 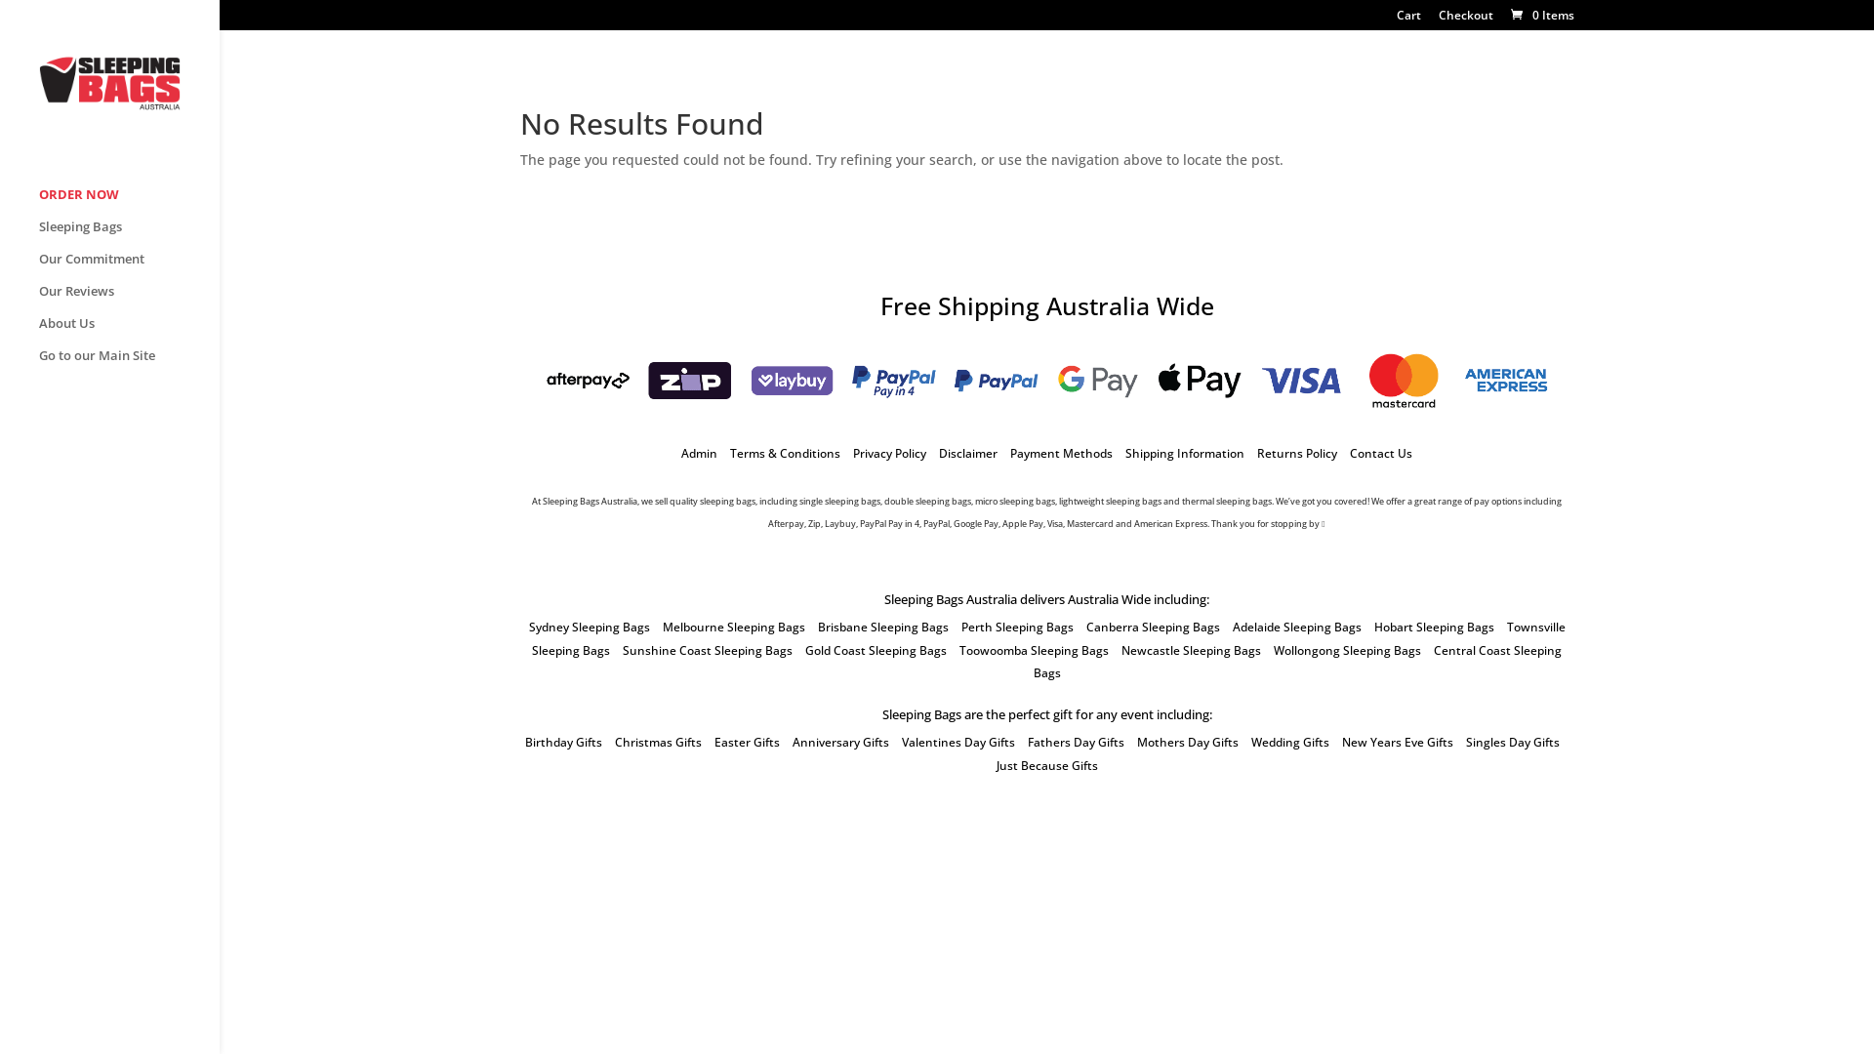 What do you see at coordinates (731, 627) in the screenshot?
I see `'Melbourne Sleeping Bags'` at bounding box center [731, 627].